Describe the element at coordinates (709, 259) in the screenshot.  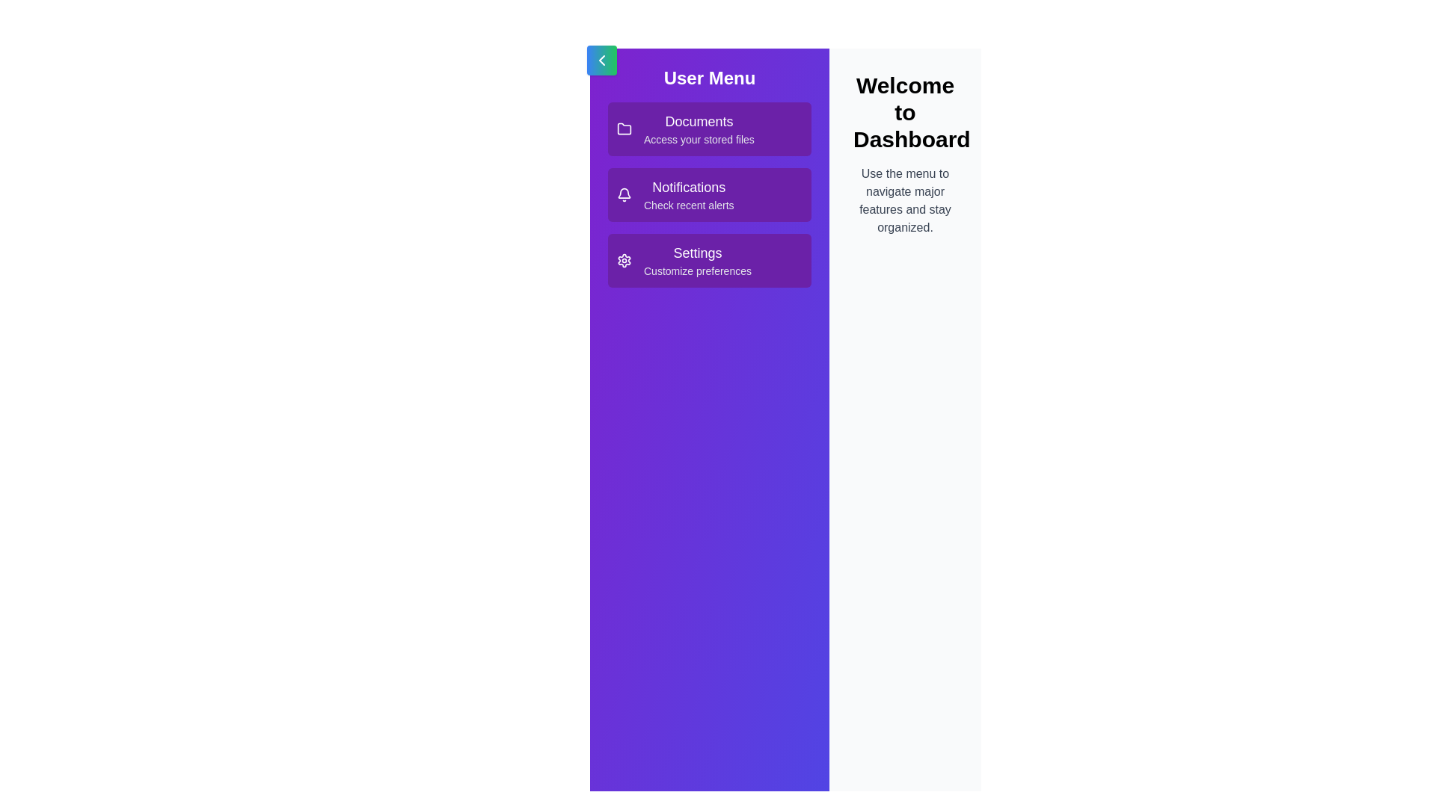
I see `the menu item Settings to navigate to its corresponding section` at that location.